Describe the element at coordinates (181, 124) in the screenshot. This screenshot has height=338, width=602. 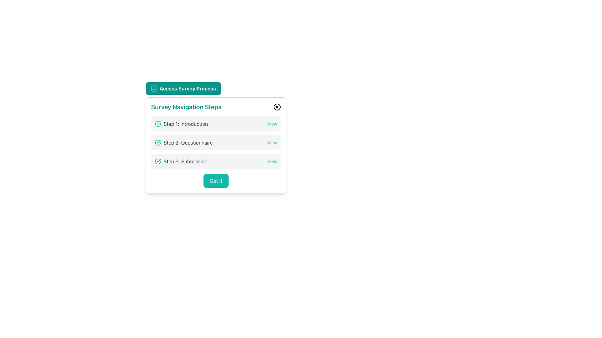
I see `the text label 'Step 1: Introduction' with a green circular icon indicating completion, located within the 'Survey Navigation Steps' card` at that location.